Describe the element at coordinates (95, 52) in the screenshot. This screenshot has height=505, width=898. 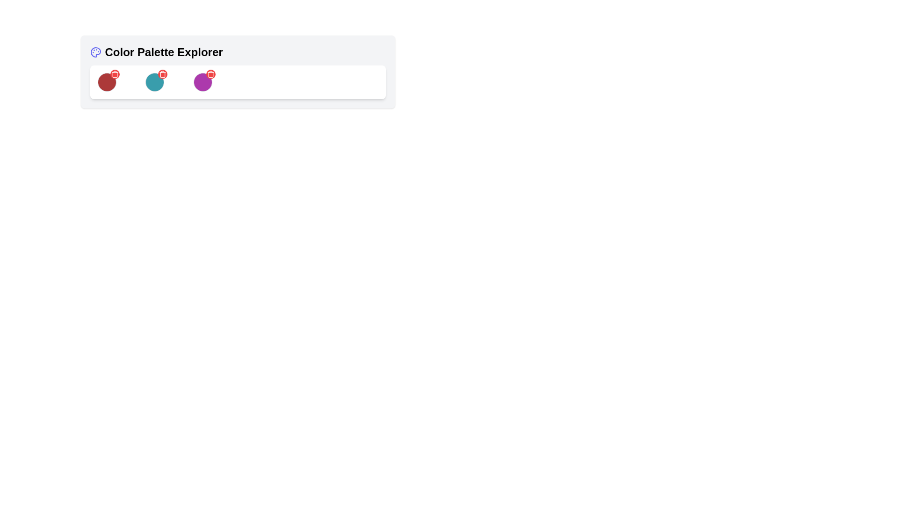
I see `the decorative icon representing the 'Color Palette Explorer', which is positioned to the left of the title text` at that location.